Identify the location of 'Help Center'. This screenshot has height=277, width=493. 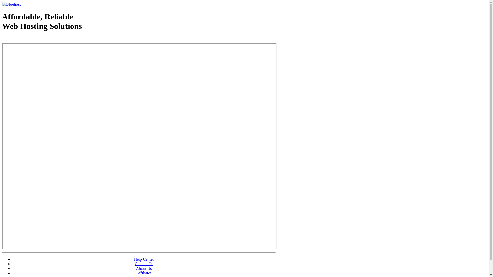
(134, 259).